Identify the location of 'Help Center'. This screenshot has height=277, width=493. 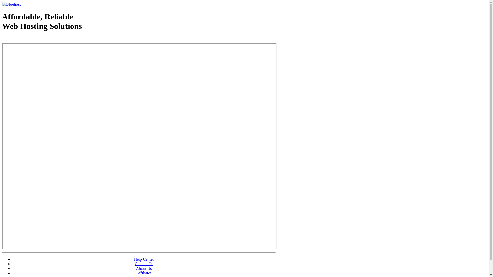
(134, 259).